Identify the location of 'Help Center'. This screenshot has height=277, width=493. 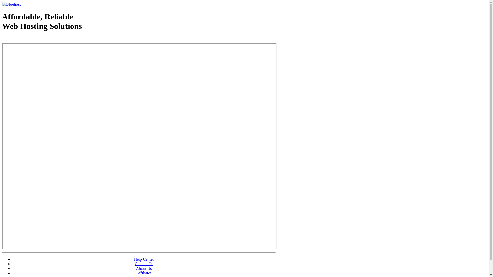
(134, 259).